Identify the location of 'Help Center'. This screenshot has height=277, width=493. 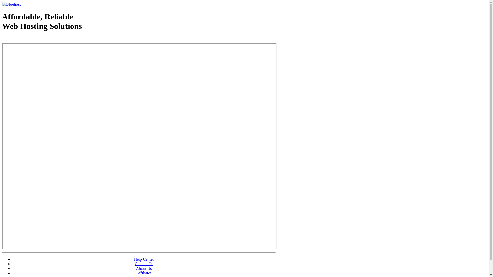
(134, 259).